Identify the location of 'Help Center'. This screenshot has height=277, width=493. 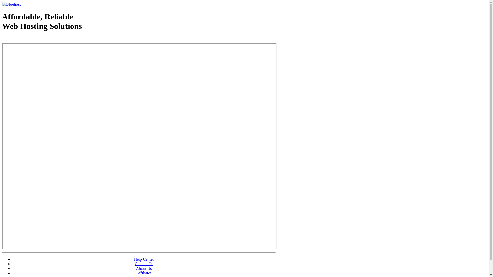
(134, 259).